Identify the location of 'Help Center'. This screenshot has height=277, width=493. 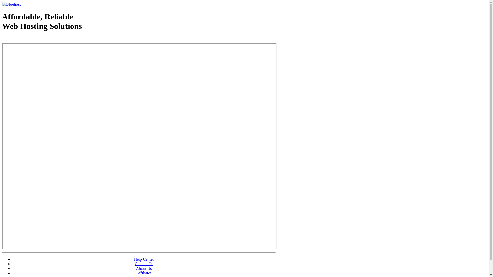
(134, 259).